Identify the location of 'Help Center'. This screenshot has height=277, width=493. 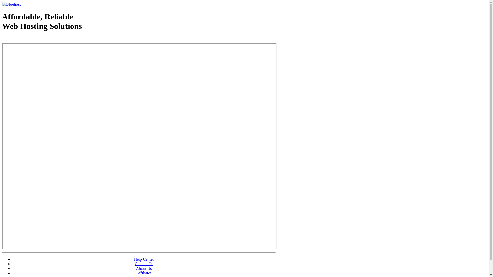
(134, 259).